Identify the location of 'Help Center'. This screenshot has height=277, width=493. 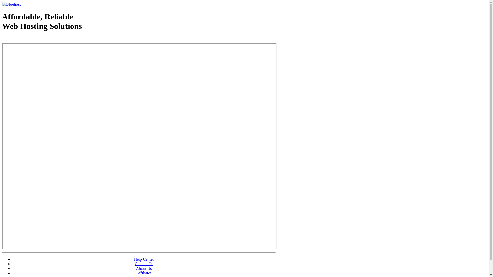
(134, 259).